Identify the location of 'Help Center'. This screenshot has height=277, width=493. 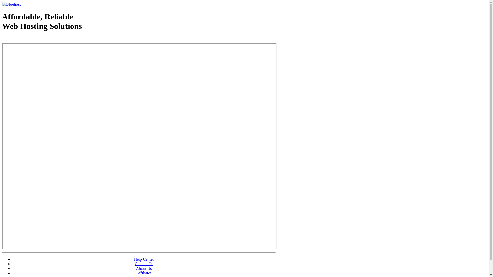
(134, 259).